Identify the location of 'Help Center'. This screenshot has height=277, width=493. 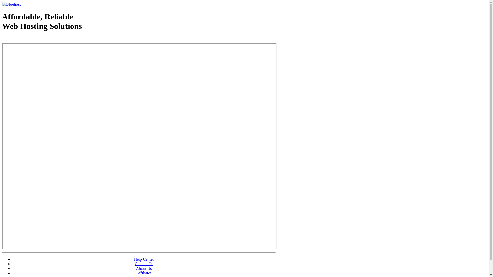
(134, 259).